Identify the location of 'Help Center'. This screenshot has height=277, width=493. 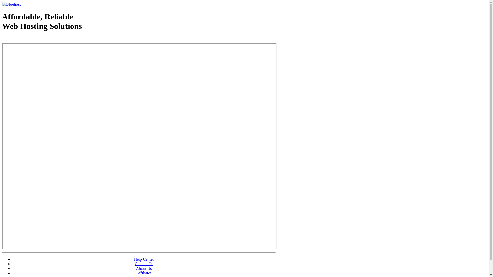
(134, 259).